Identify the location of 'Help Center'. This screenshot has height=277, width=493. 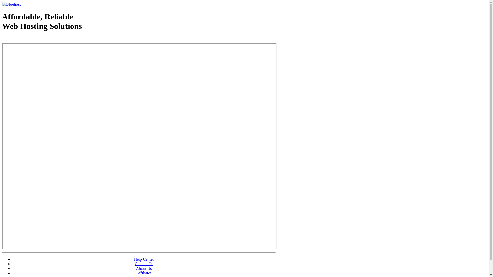
(134, 259).